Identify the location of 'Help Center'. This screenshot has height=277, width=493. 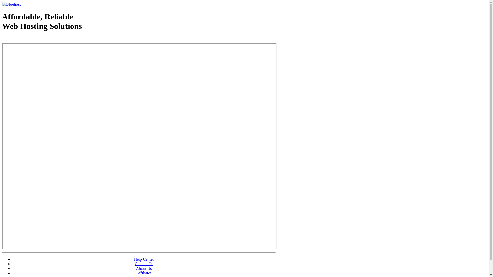
(134, 259).